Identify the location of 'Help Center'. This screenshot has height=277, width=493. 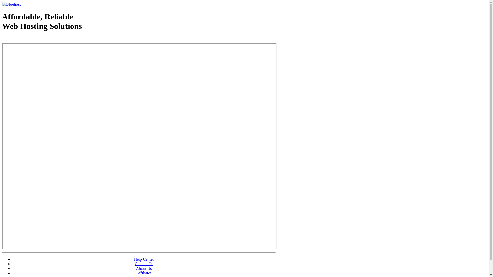
(134, 259).